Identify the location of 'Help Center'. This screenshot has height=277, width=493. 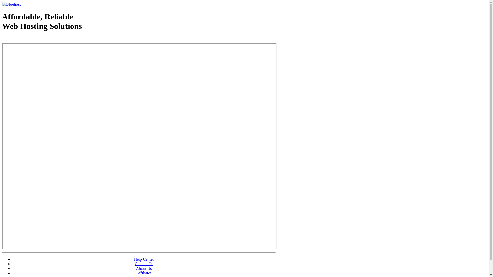
(134, 259).